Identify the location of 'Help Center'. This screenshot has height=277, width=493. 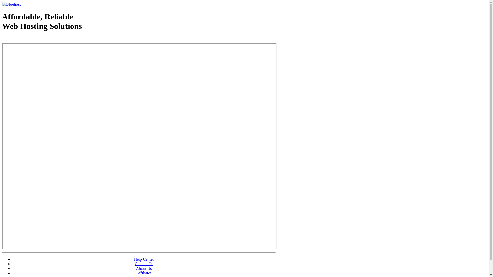
(134, 259).